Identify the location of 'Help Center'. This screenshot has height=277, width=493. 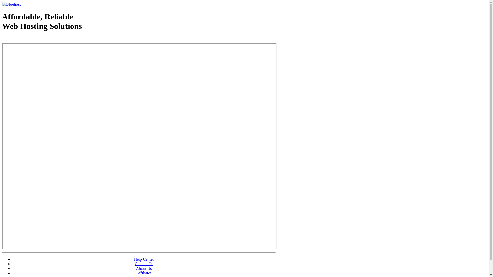
(134, 259).